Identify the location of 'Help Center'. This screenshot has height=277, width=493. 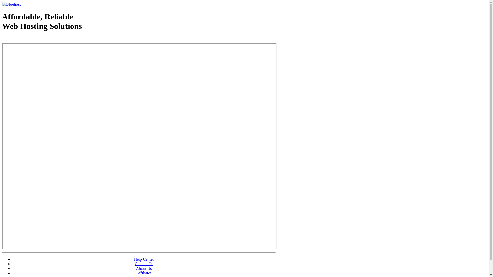
(134, 259).